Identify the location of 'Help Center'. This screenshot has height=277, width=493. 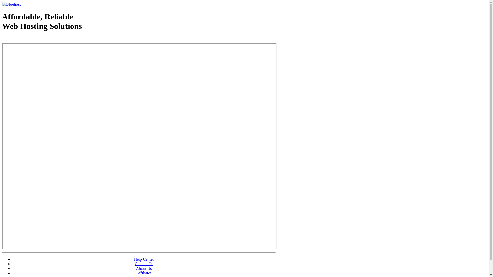
(134, 259).